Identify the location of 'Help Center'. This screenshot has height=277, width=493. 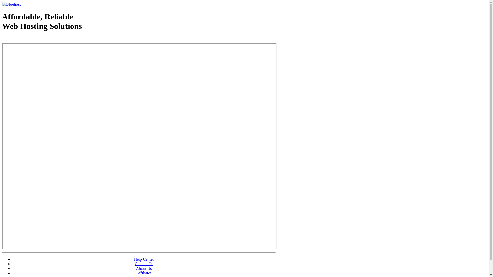
(134, 259).